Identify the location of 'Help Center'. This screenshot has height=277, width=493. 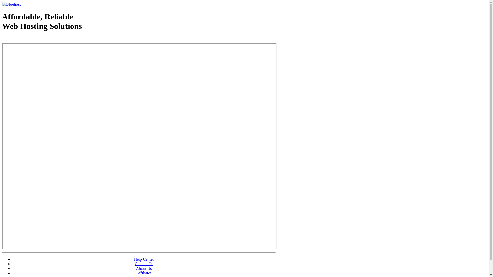
(134, 259).